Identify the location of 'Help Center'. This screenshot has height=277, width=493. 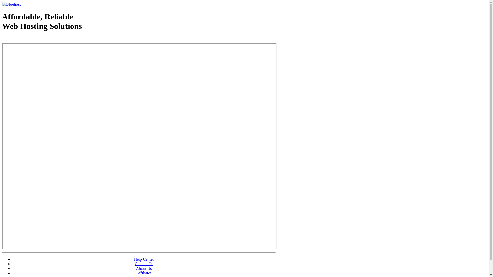
(134, 259).